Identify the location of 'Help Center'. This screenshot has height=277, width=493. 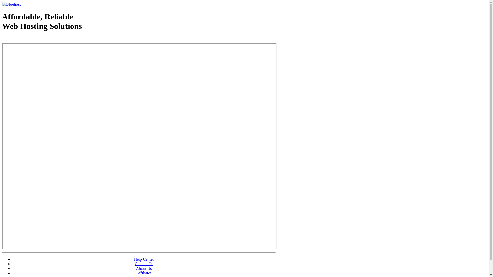
(134, 259).